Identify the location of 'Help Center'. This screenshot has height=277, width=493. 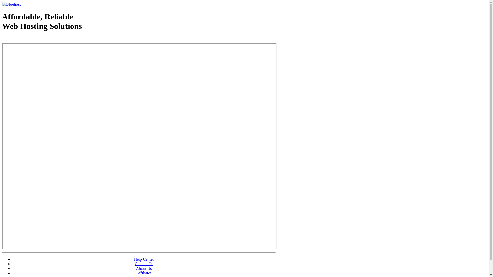
(134, 259).